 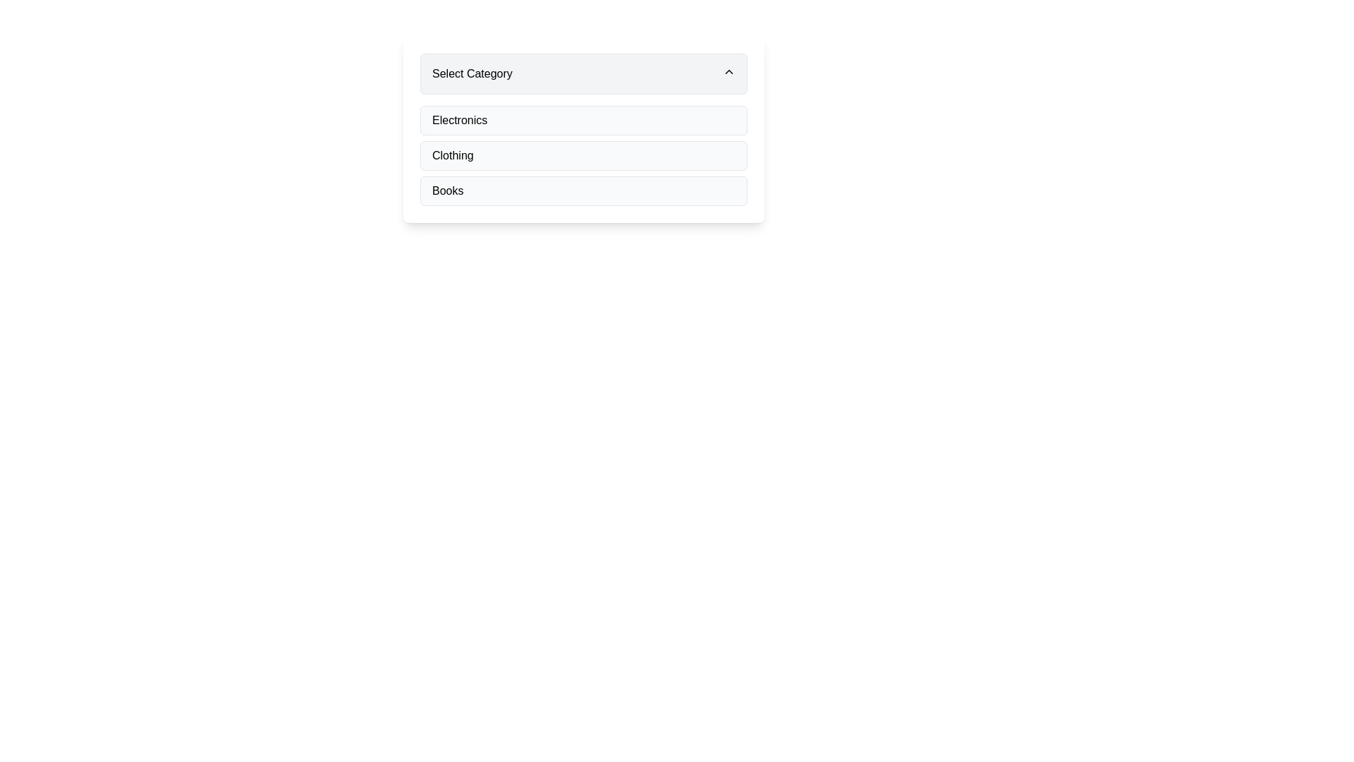 I want to click on the 'Books' dropdown item, which is the third option in the 'Select Category' menu, so click(x=584, y=190).